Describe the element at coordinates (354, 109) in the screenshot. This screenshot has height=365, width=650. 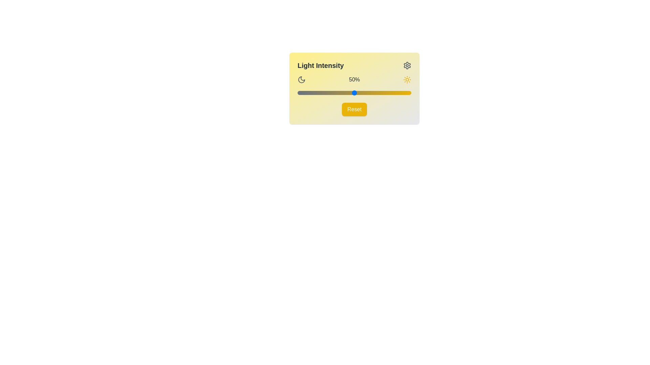
I see `the Reset button to reset the brightness to 50%` at that location.